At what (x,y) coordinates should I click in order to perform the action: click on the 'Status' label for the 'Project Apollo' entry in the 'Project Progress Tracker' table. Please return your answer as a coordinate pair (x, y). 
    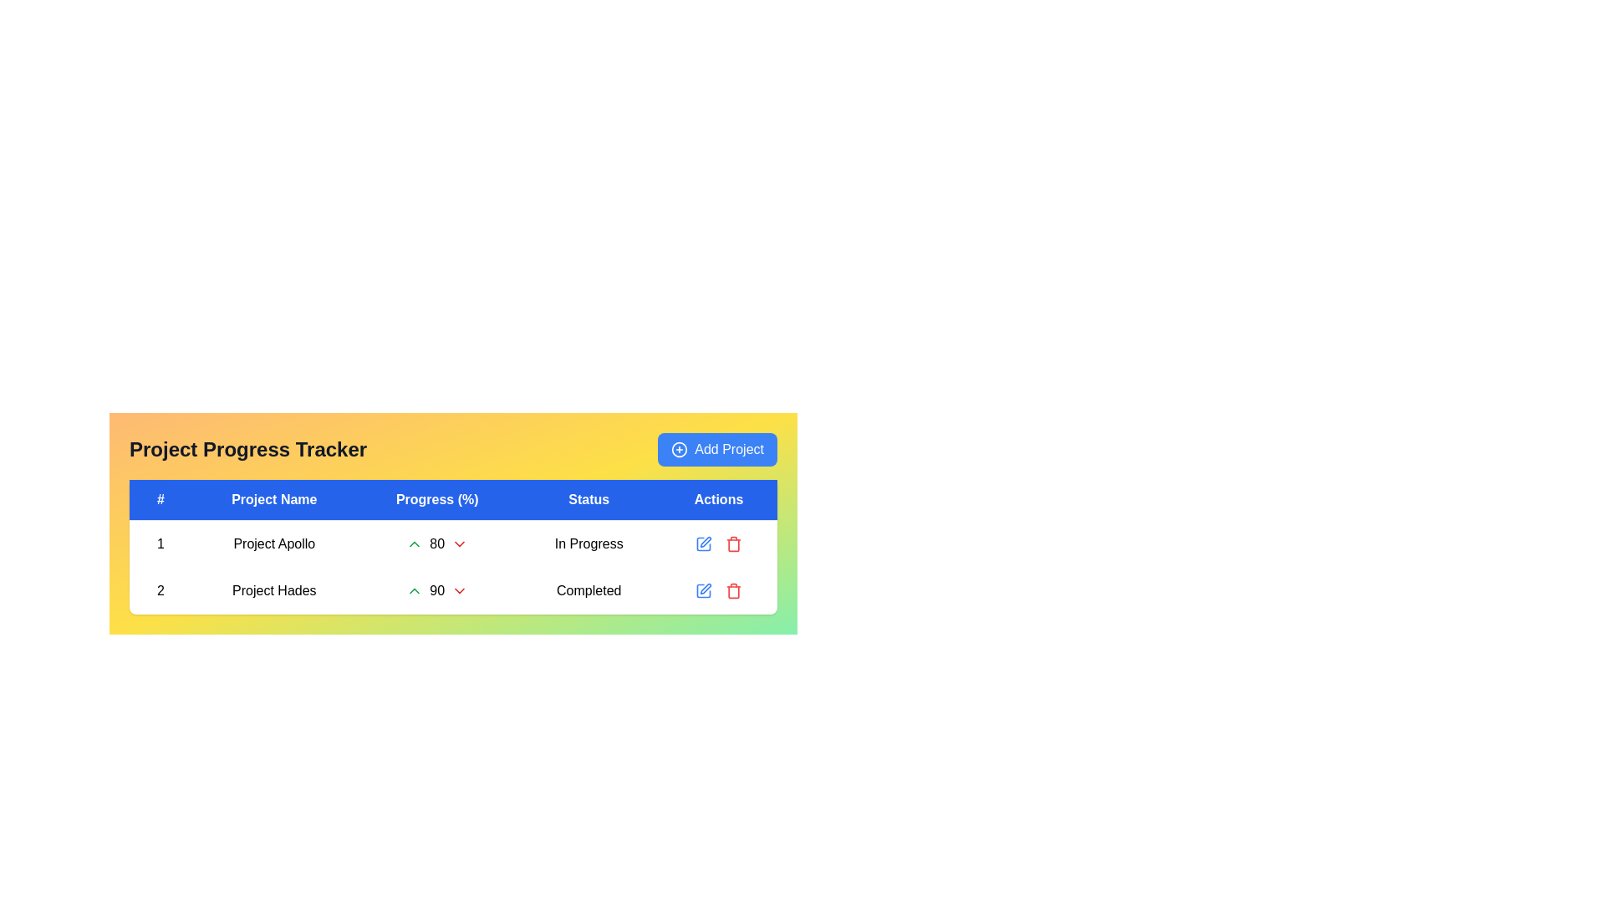
    Looking at the image, I should click on (588, 543).